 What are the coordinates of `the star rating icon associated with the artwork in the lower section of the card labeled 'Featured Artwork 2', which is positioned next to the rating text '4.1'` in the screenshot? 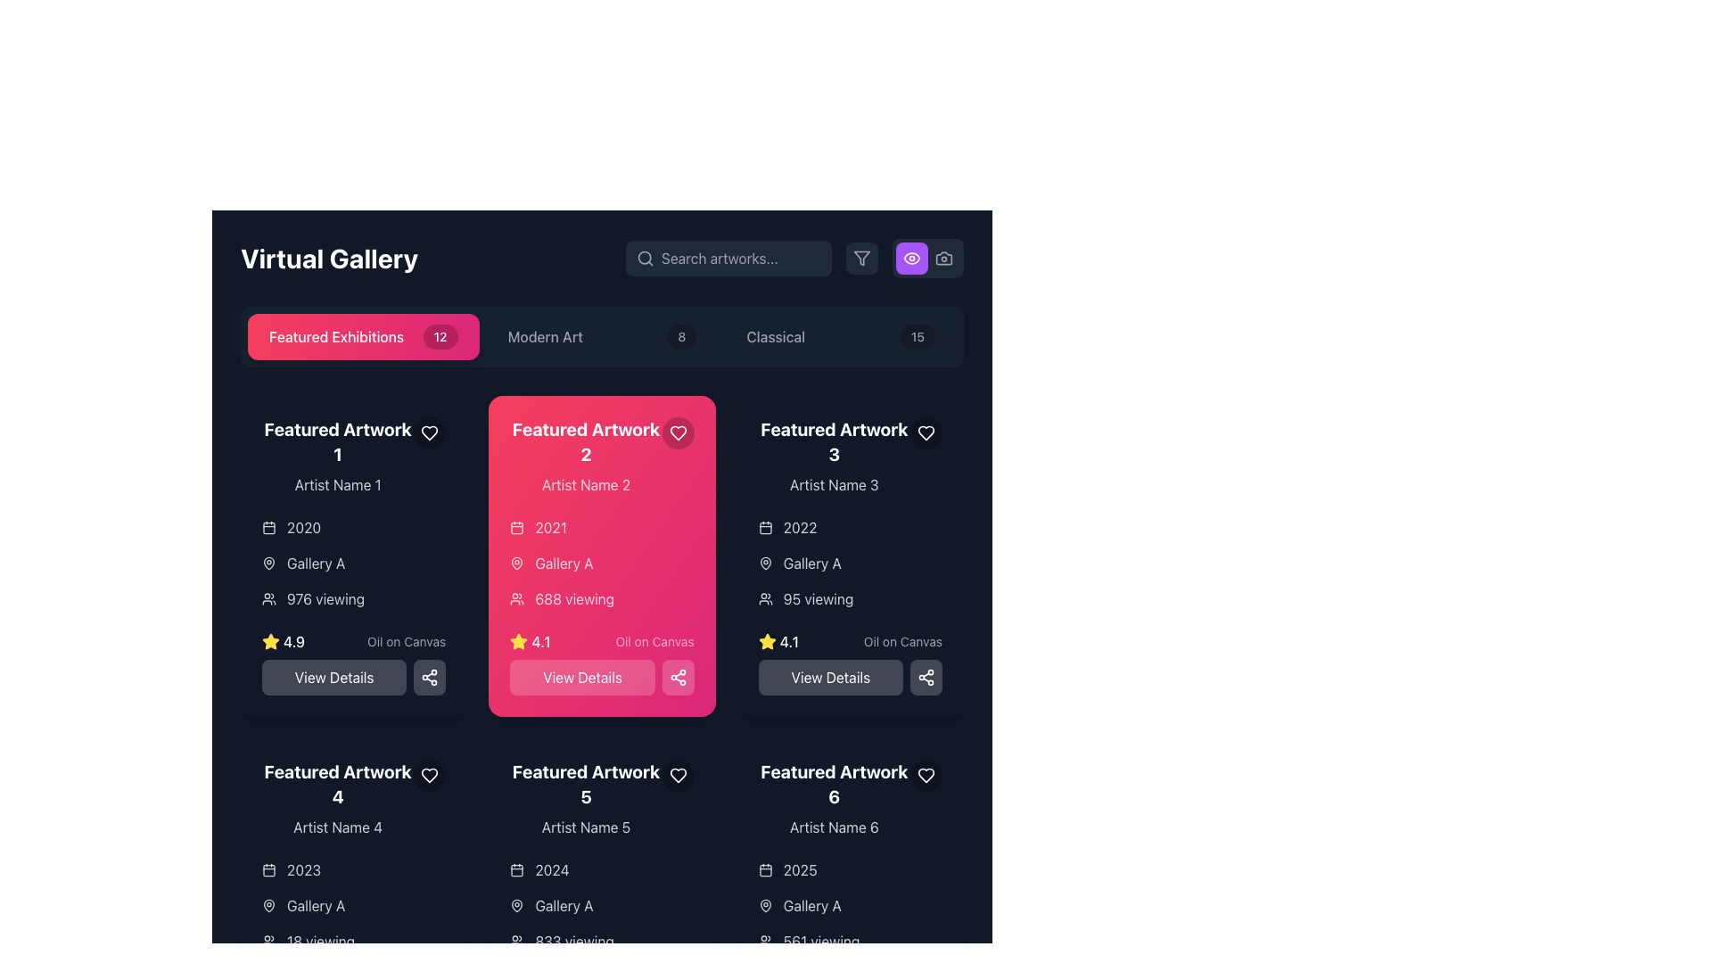 It's located at (767, 642).